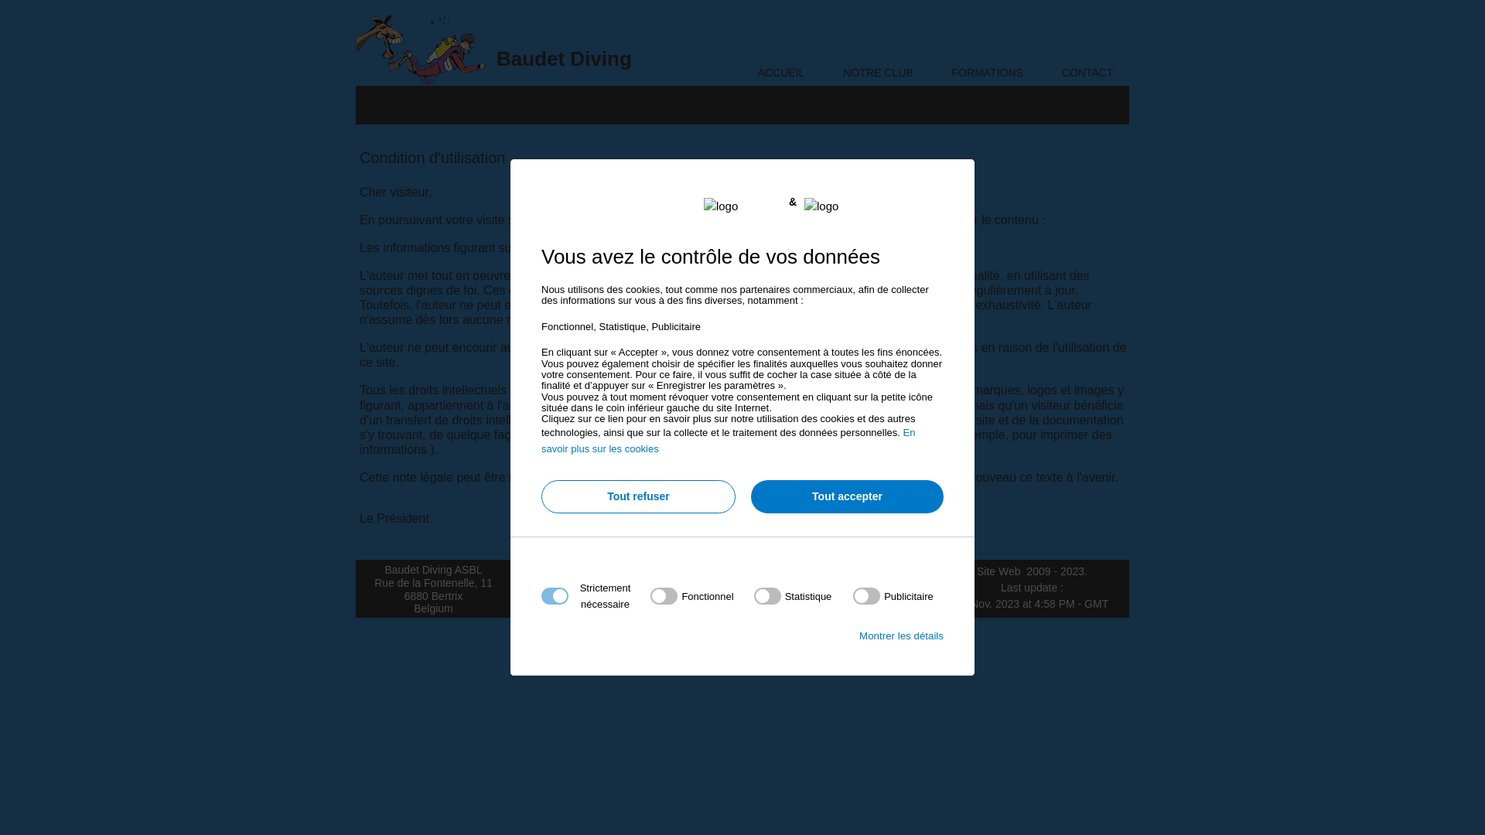 The width and height of the screenshot is (1485, 835). Describe the element at coordinates (727, 441) in the screenshot. I see `'En savoir plus sur les cookies'` at that location.